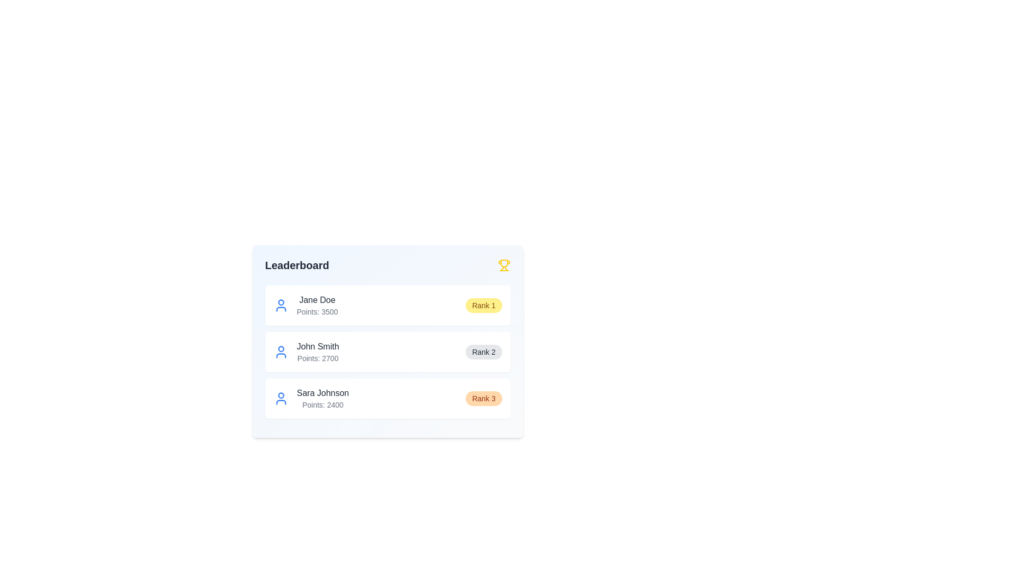 This screenshot has height=571, width=1015. What do you see at coordinates (281, 352) in the screenshot?
I see `the blue user icon that represents 'John Smith' in the leaderboard interface, which is positioned to the left of his name and points` at bounding box center [281, 352].